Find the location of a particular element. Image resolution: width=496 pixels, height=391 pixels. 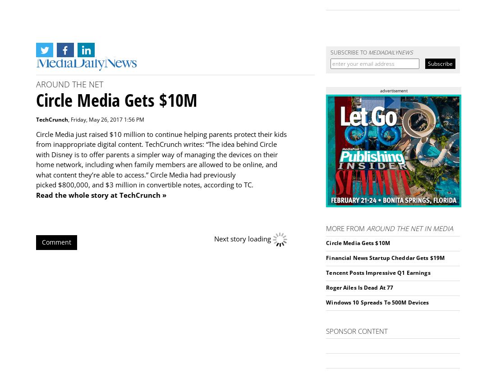

'Around the Net In Media' is located at coordinates (367, 228).